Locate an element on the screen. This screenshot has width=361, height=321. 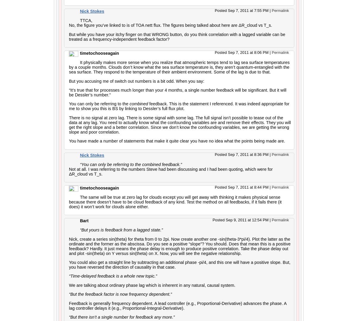
'Not at all. I was referring to the numbers Steve had been discussing and I had been quoting, which were for ΔR_cloud vs T_s.' is located at coordinates (171, 171).